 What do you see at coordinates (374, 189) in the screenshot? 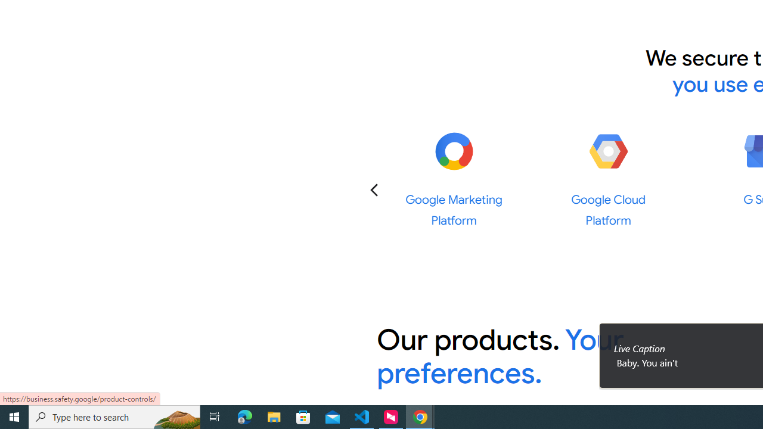
I see `'Go to the previous slide'` at bounding box center [374, 189].